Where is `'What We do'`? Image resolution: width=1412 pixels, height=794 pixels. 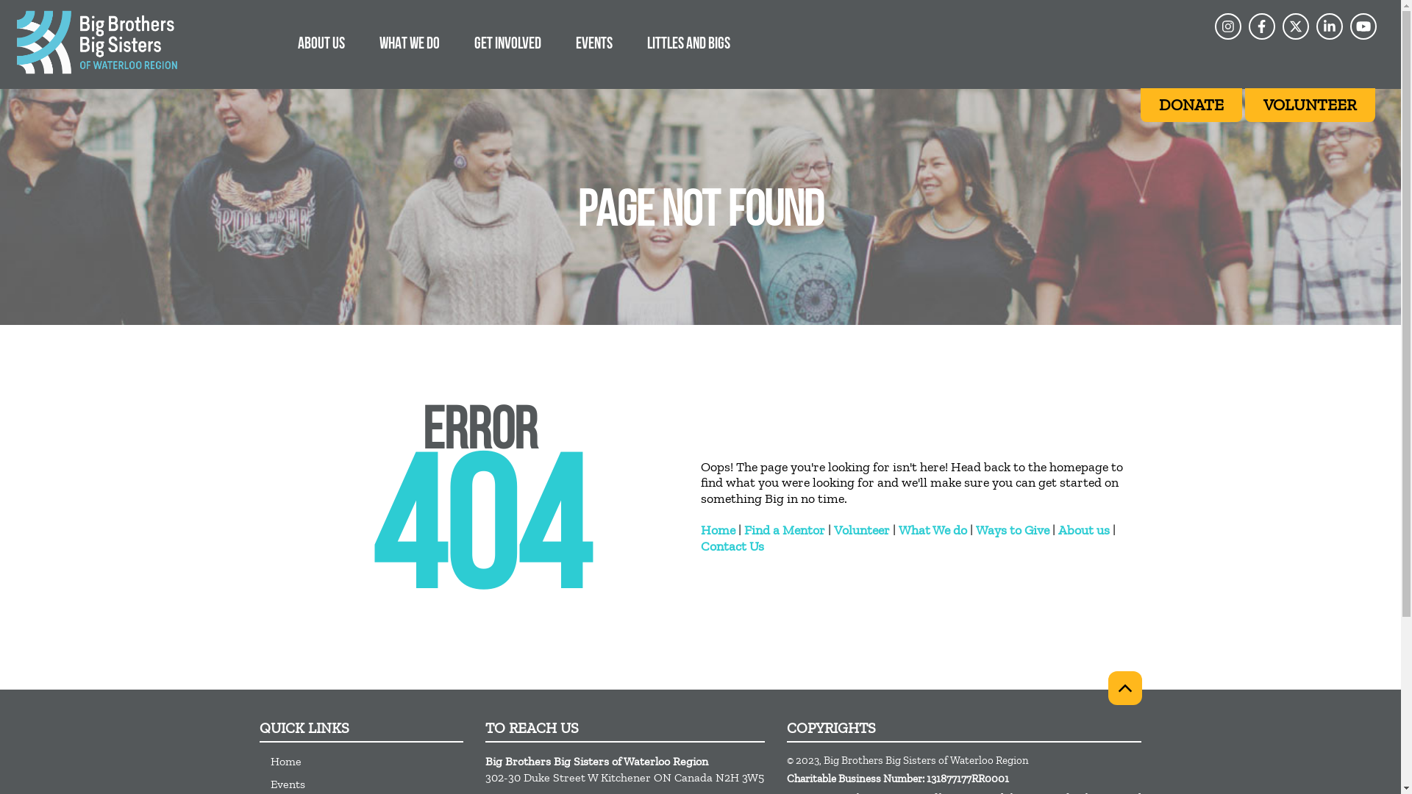 'What We do' is located at coordinates (932, 530).